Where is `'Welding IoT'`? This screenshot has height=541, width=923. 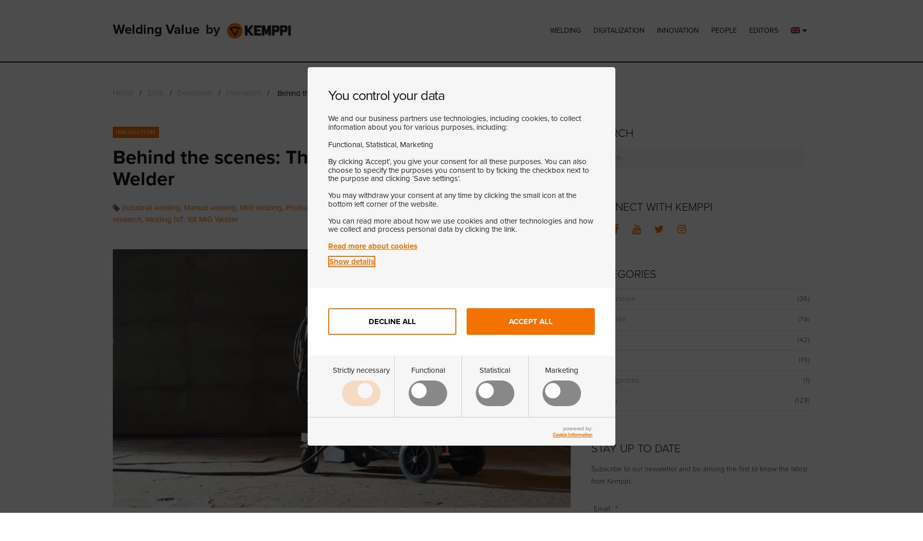 'Welding IoT' is located at coordinates (164, 219).